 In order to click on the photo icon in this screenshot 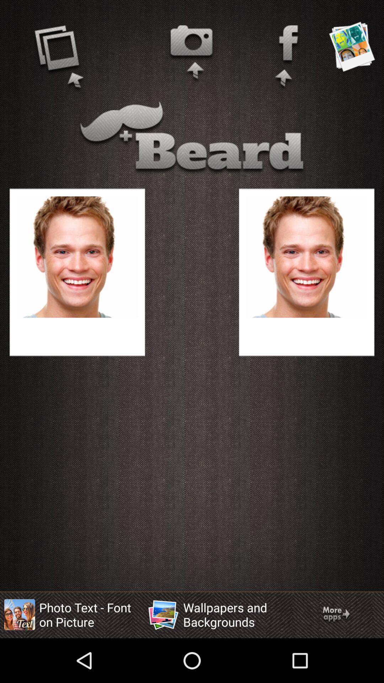, I will do `click(191, 54)`.